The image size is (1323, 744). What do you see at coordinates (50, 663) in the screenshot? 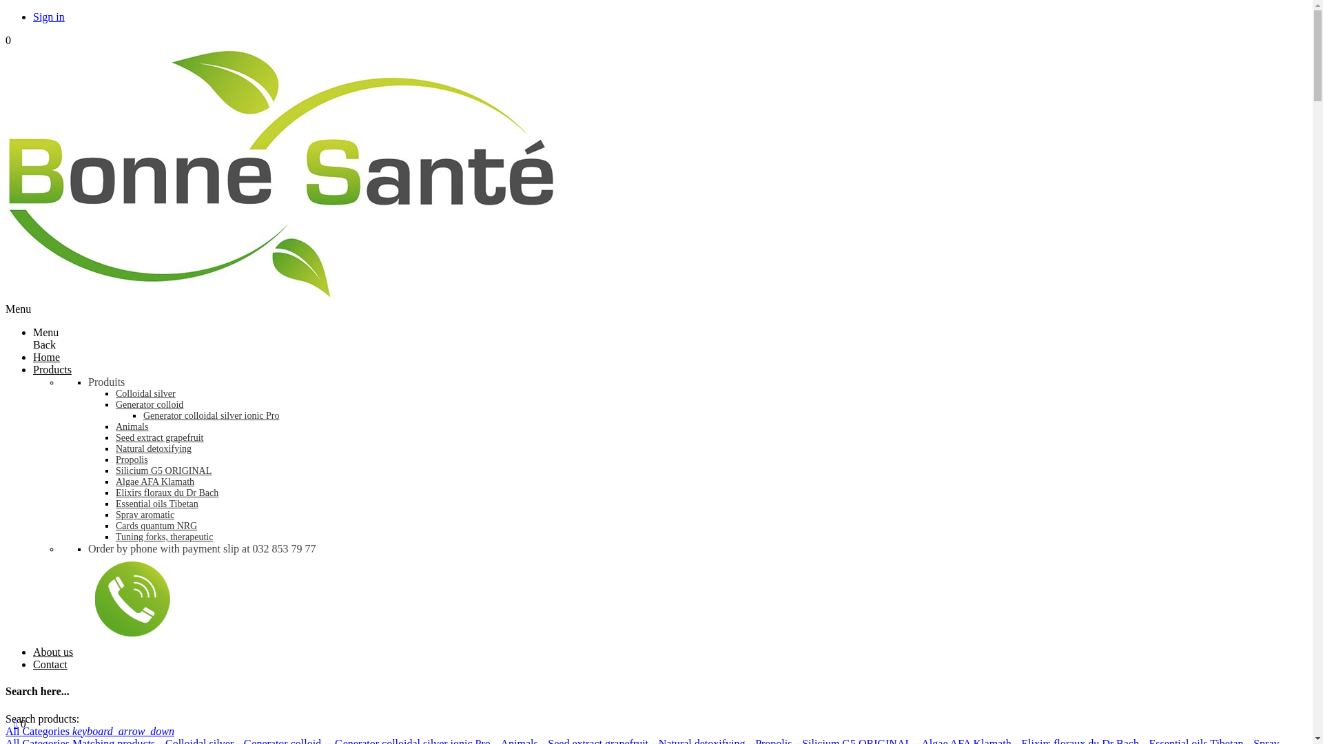
I see `'Contact'` at bounding box center [50, 663].